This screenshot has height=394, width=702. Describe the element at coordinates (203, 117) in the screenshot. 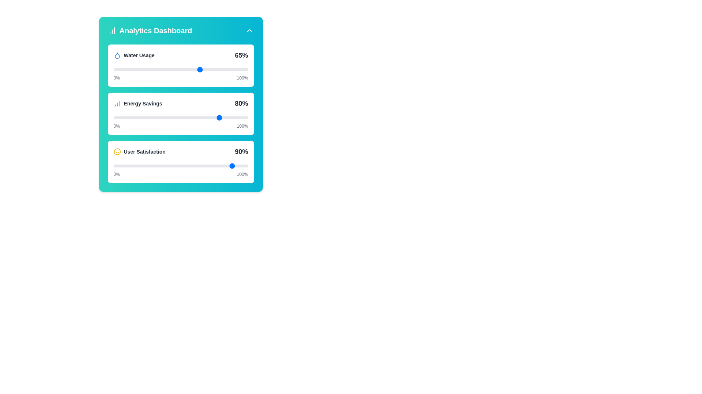

I see `energy savings` at that location.